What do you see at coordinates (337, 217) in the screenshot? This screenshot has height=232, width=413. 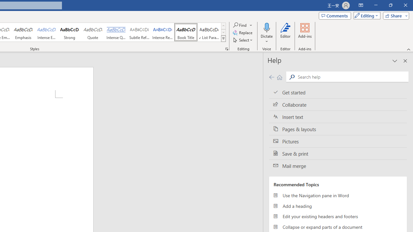 I see `'Edit your existing headers and footers'` at bounding box center [337, 217].